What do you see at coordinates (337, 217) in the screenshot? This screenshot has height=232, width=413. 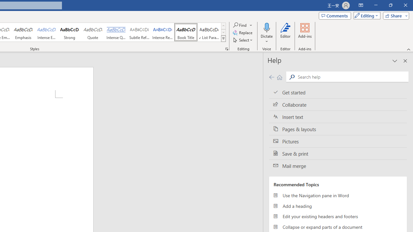 I see `'Edit your existing headers and footers'` at bounding box center [337, 217].